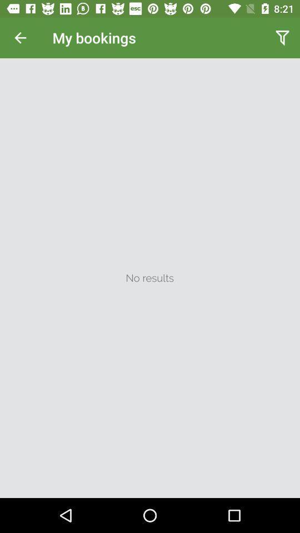  Describe the element at coordinates (20, 38) in the screenshot. I see `app to the left of the my bookings` at that location.